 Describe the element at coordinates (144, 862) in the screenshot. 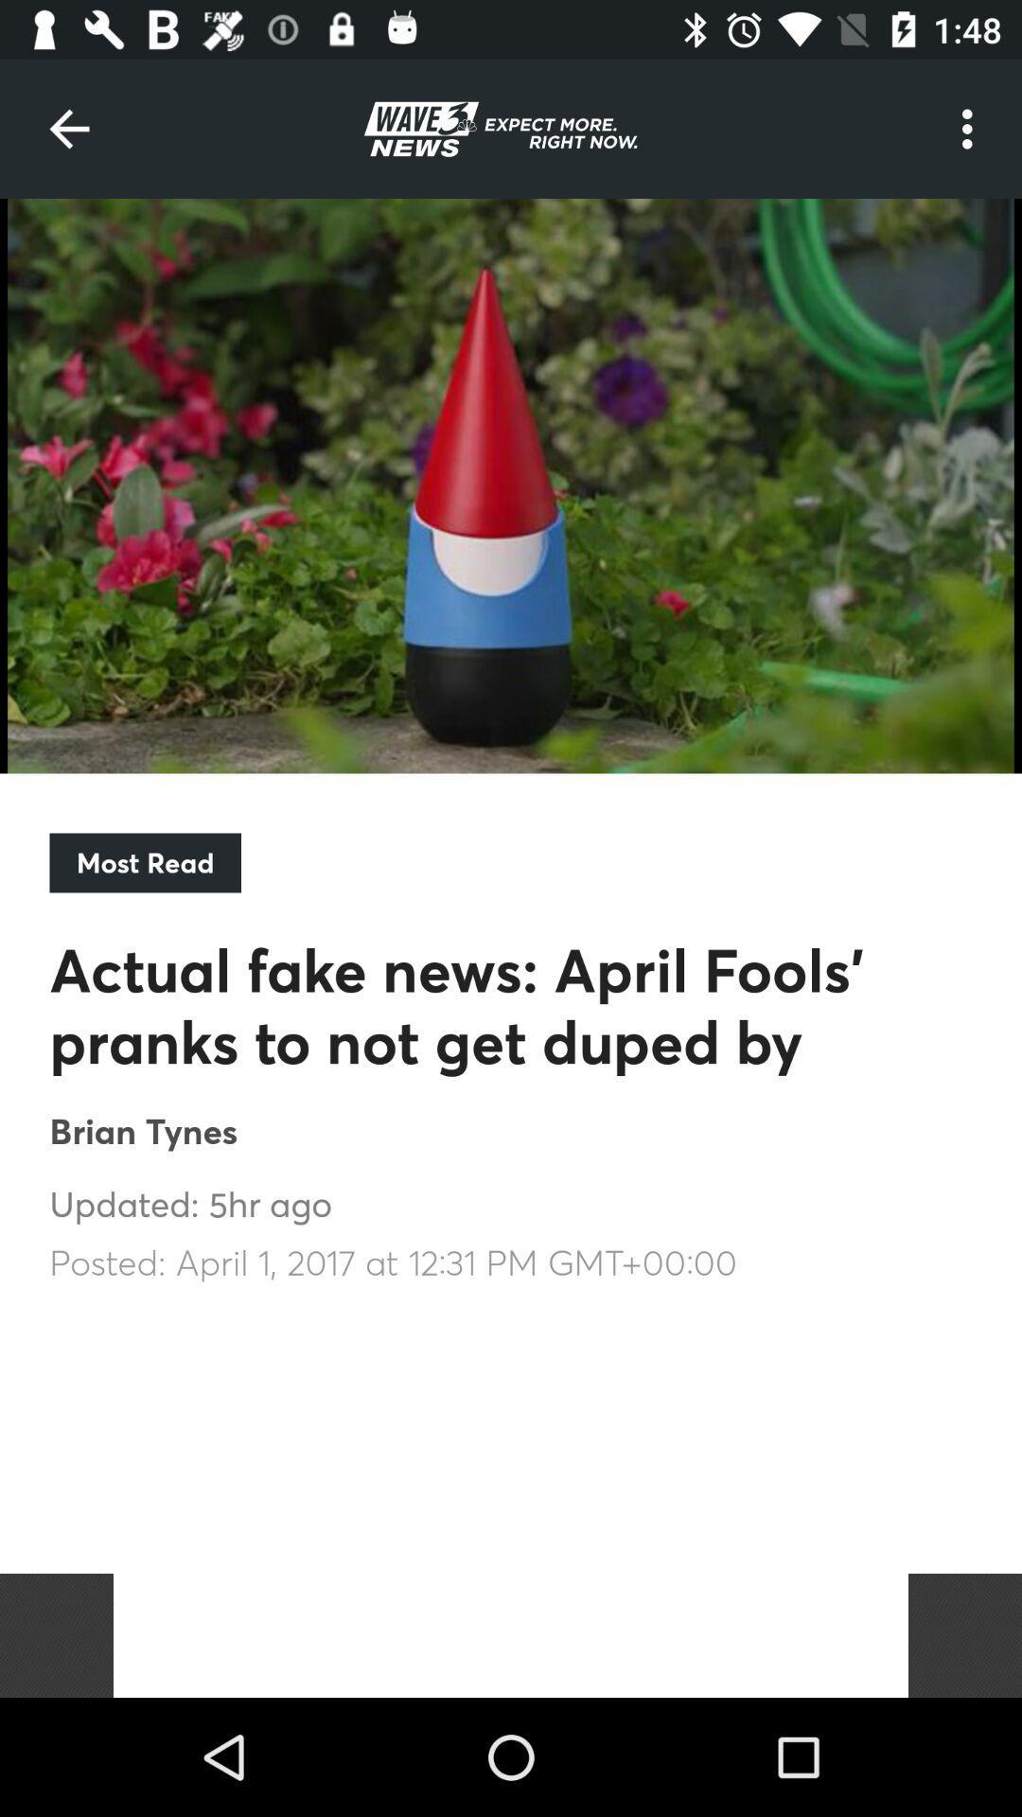

I see `most read on the left` at that location.